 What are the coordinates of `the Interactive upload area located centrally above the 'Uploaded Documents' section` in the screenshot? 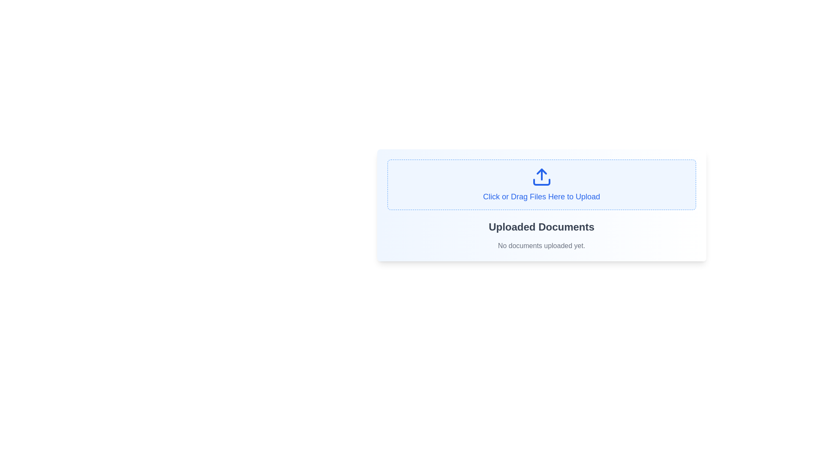 It's located at (541, 205).